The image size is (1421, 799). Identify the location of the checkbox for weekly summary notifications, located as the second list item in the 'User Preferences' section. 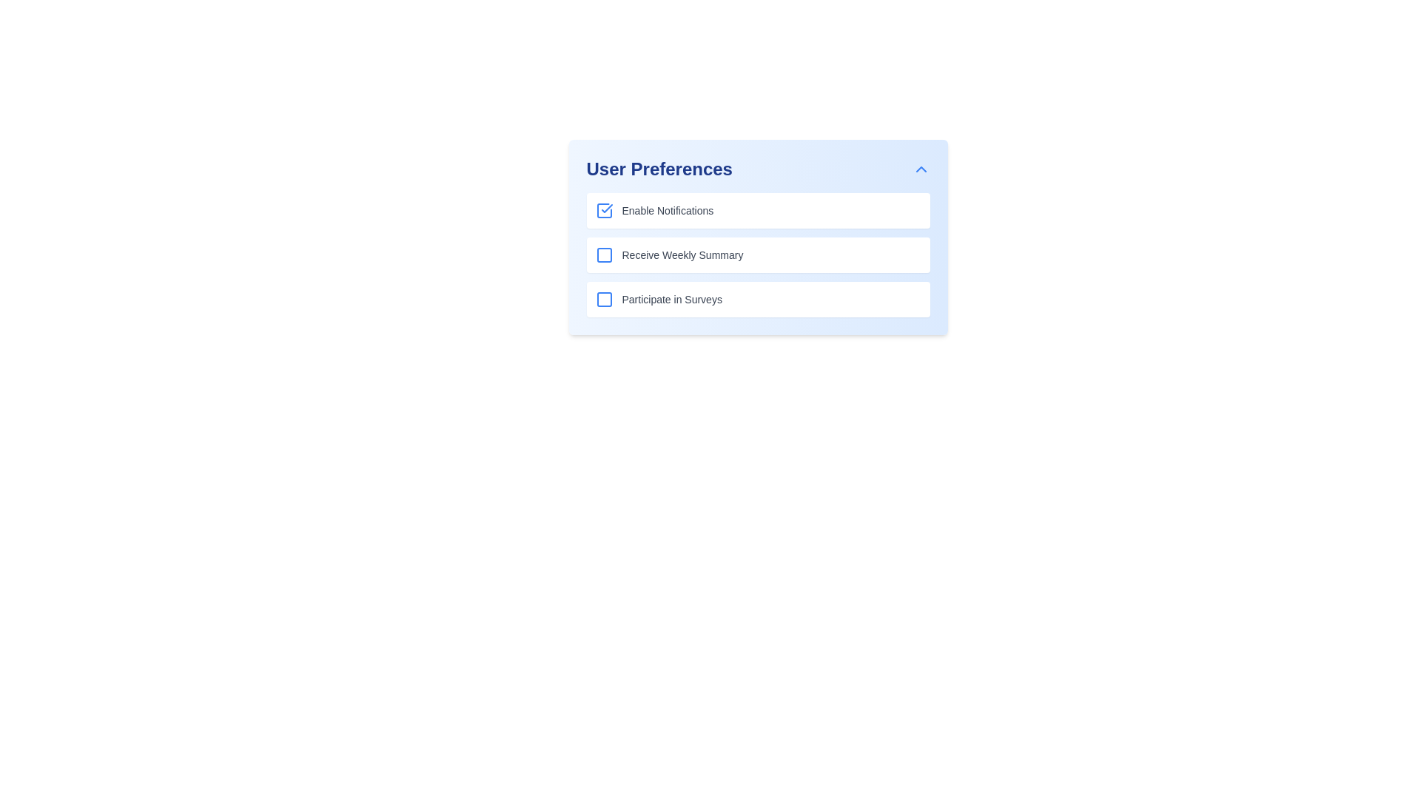
(758, 254).